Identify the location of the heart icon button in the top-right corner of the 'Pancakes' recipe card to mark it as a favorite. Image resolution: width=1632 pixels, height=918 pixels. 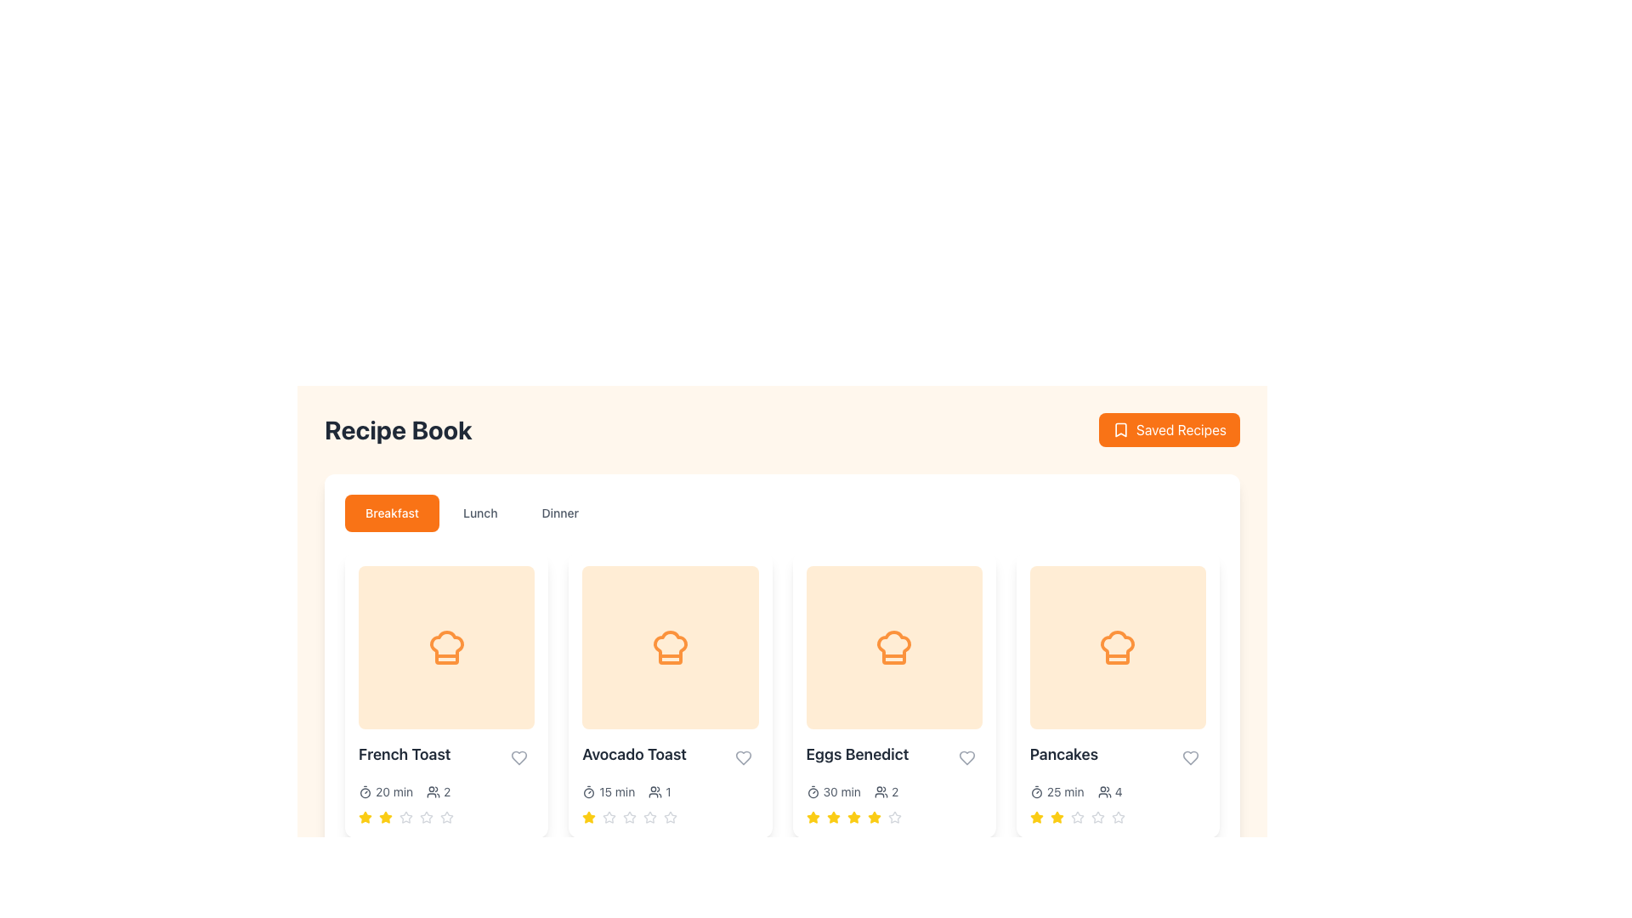
(1190, 756).